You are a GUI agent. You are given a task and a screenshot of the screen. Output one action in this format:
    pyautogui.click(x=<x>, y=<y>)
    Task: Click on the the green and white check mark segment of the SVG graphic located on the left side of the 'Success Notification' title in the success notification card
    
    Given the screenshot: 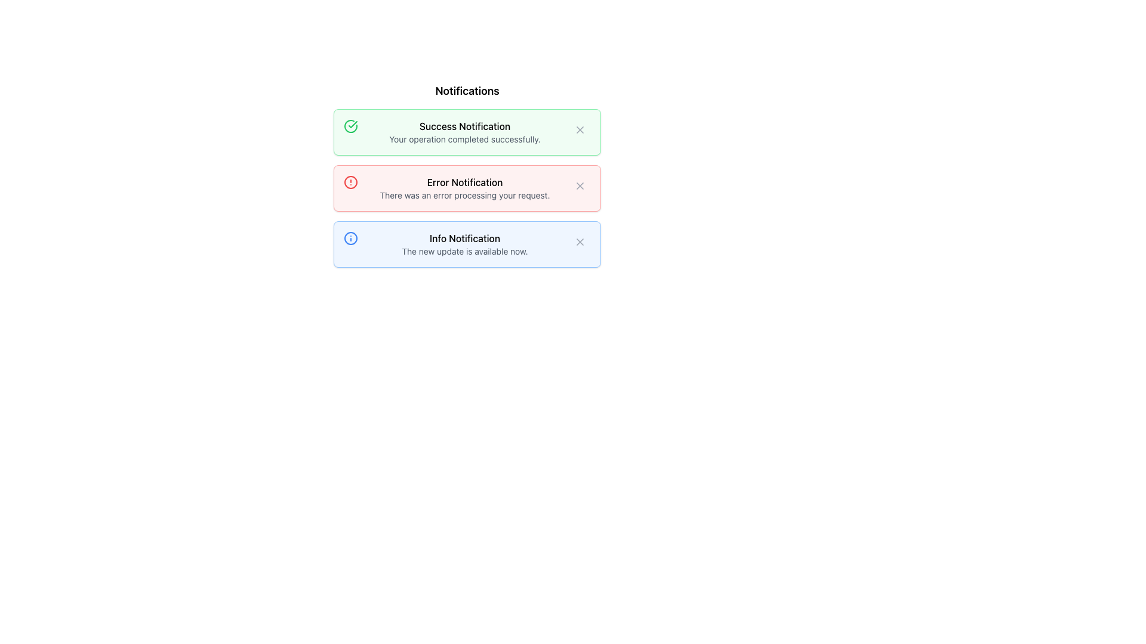 What is the action you would take?
    pyautogui.click(x=352, y=124)
    